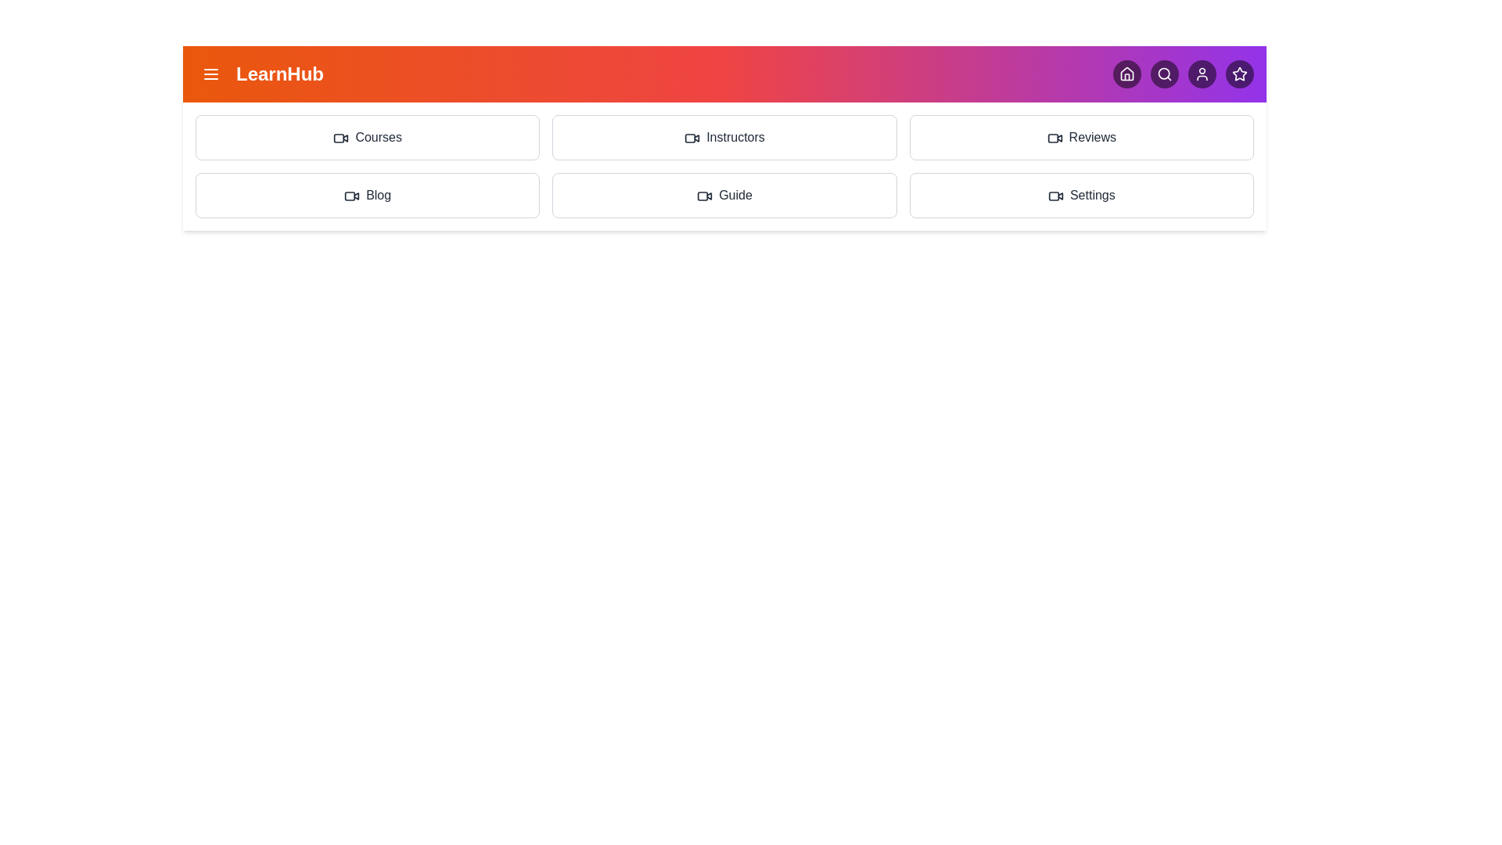 The height and width of the screenshot is (845, 1502). What do you see at coordinates (1164, 74) in the screenshot?
I see `the navigation icon corresponding to Search` at bounding box center [1164, 74].